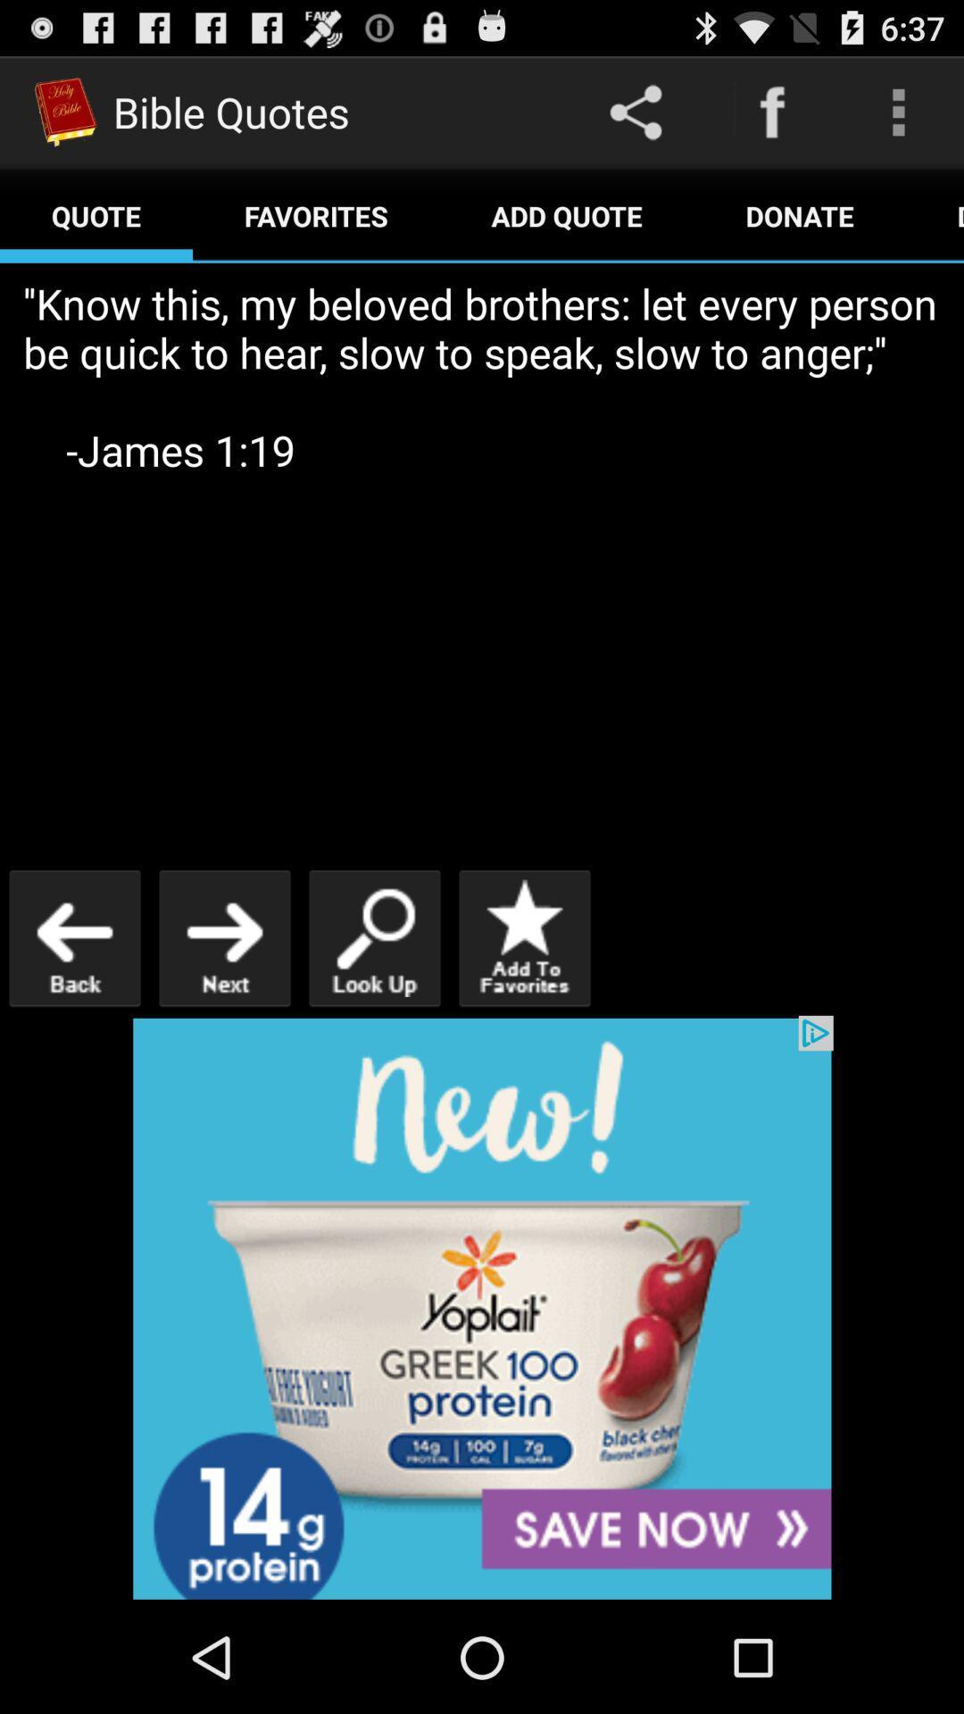  I want to click on go back, so click(74, 937).